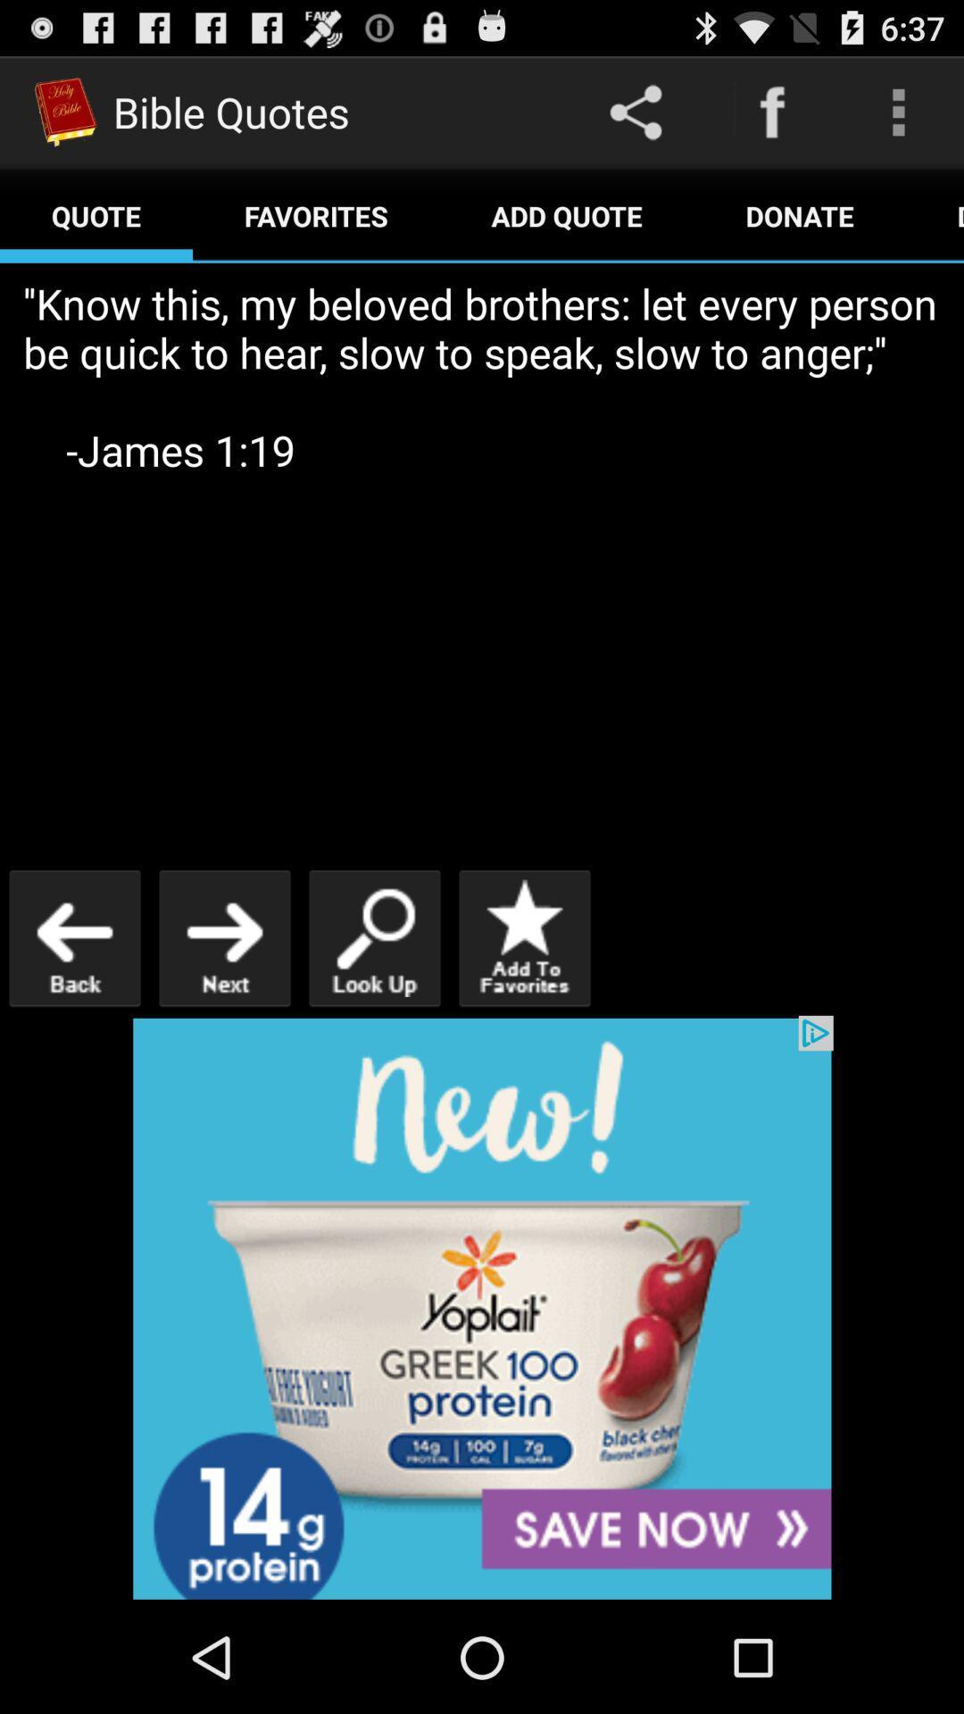  I want to click on go back, so click(74, 937).